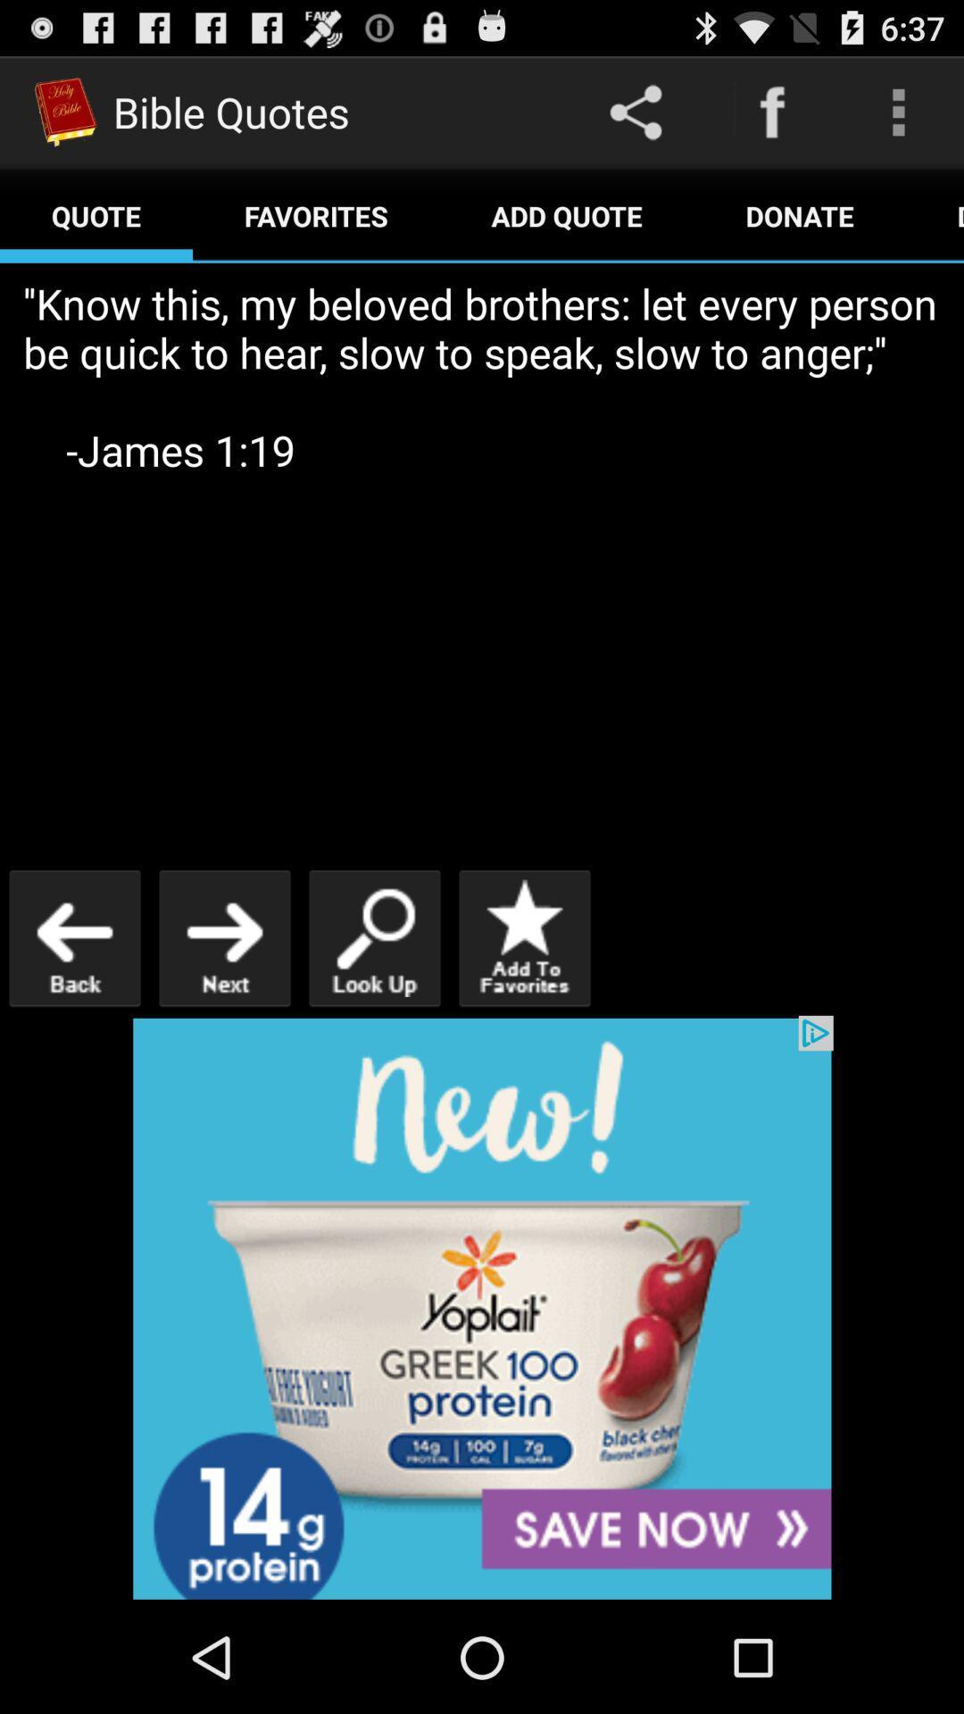  I want to click on go back, so click(74, 937).